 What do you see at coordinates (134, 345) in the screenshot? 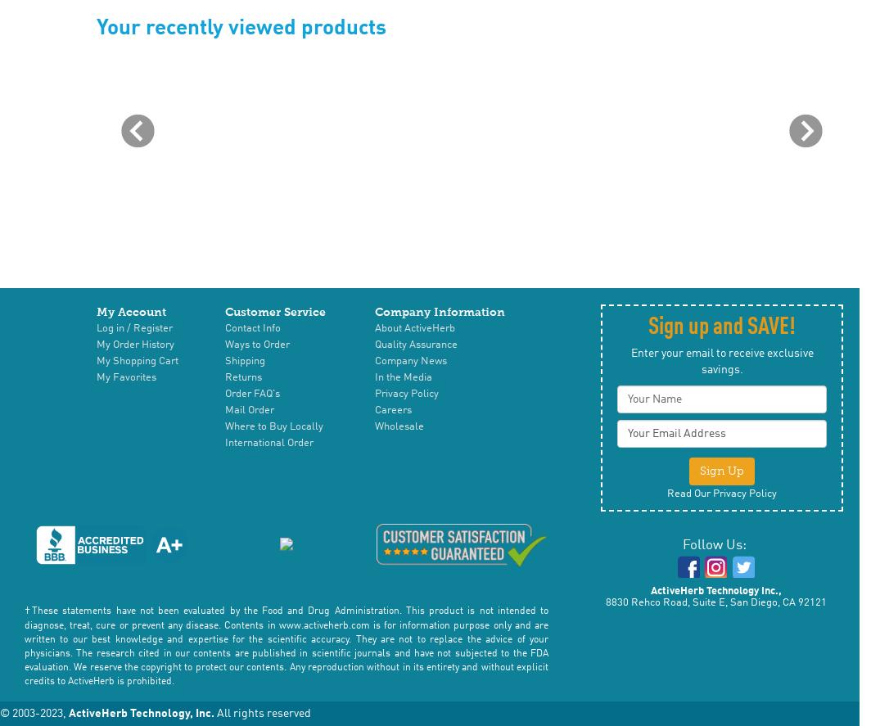
I see `'My Order History'` at bounding box center [134, 345].